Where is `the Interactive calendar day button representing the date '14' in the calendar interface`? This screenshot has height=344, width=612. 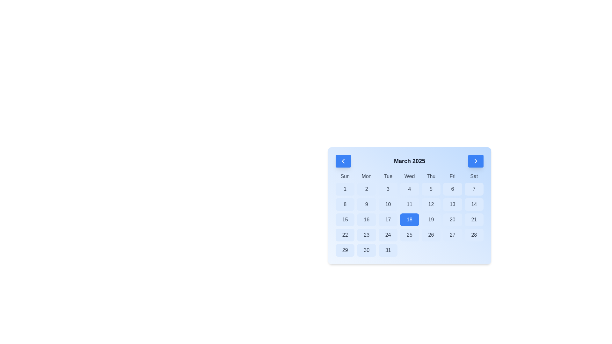
the Interactive calendar day button representing the date '14' in the calendar interface is located at coordinates (474, 204).